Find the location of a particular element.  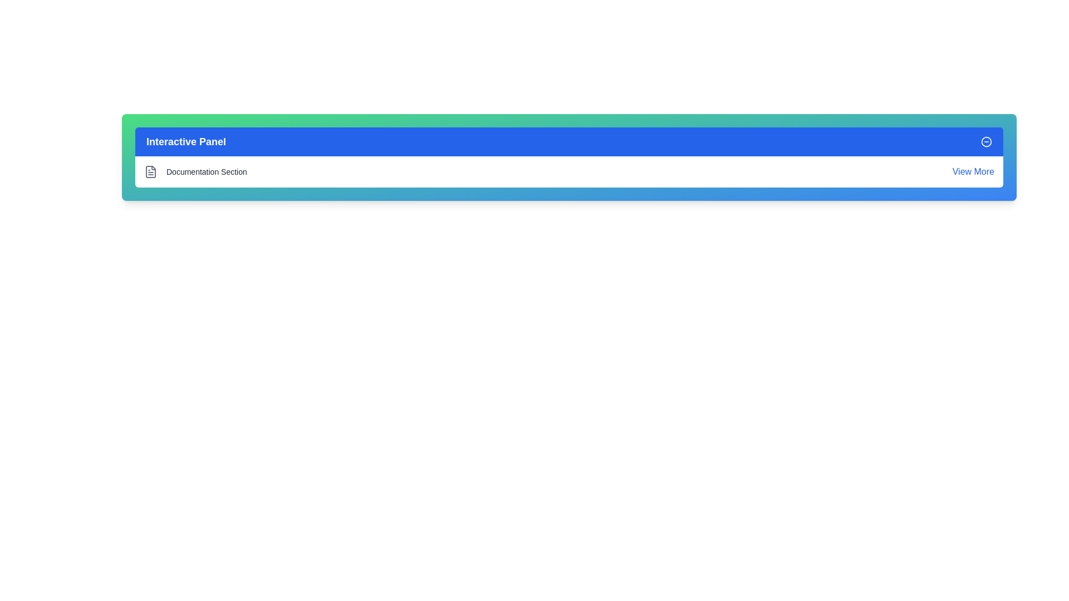

the circular icon button with a minus sign inside, located in the upper-right corner of the 'Interactive Panel' header is located at coordinates (986, 141).